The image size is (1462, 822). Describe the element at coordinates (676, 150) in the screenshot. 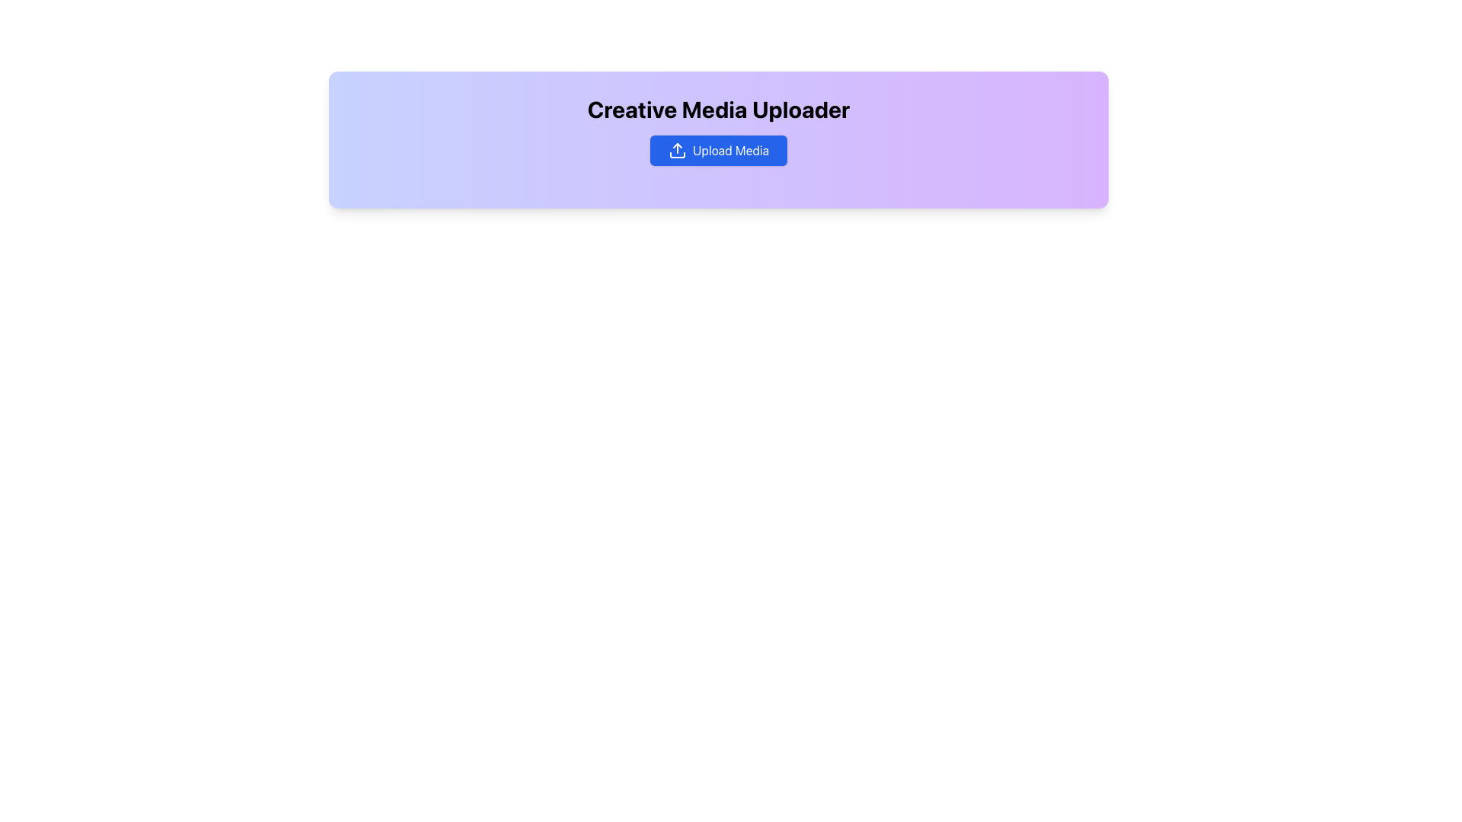

I see `the upward arrow icon in the 'Upload Media' button, which is located to the left of the button text` at that location.